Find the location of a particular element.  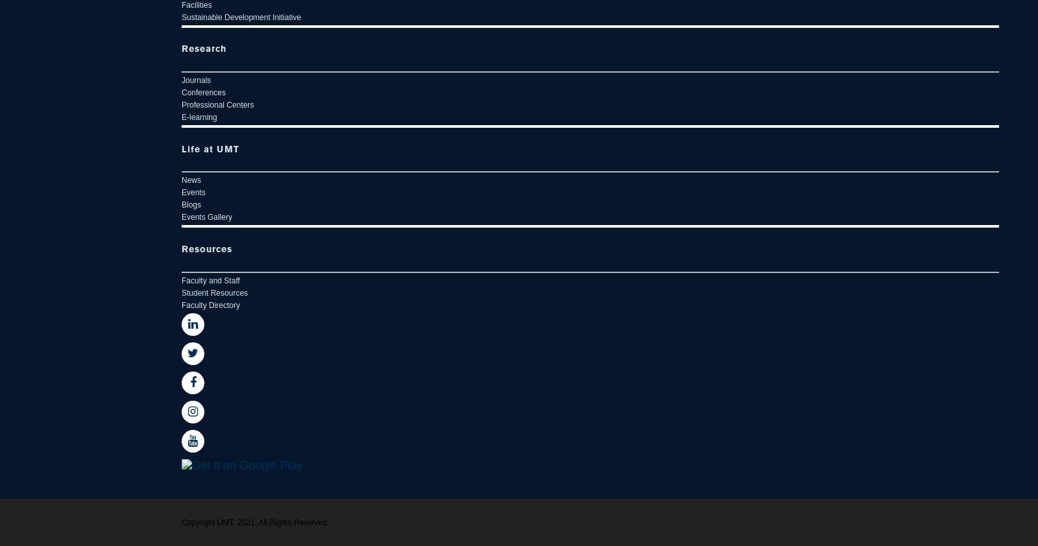

'E-learning' is located at coordinates (199, 117).